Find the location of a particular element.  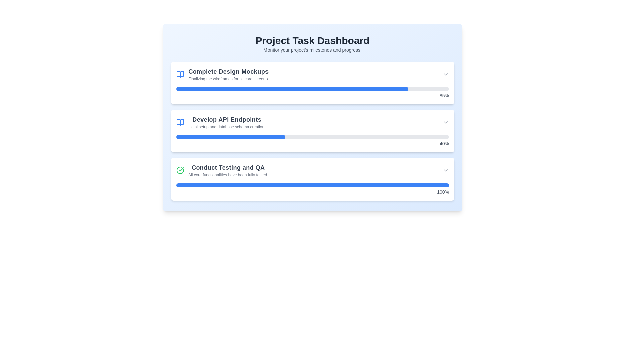

the Section Header titled 'Complete Design Mockups' with an open book icon, located in the first card of the vertically-stacked list of task cards in the project management dashboard is located at coordinates (222, 74).